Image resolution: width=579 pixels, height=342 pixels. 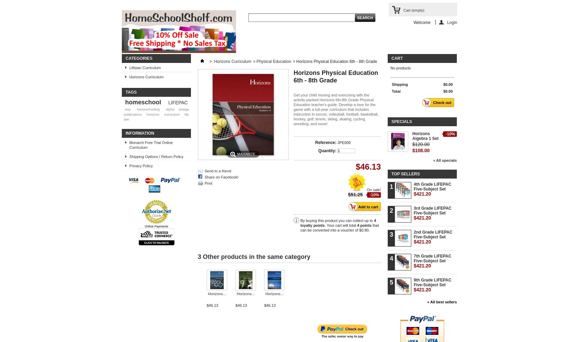 I want to click on 'curriculum', so click(x=164, y=114).